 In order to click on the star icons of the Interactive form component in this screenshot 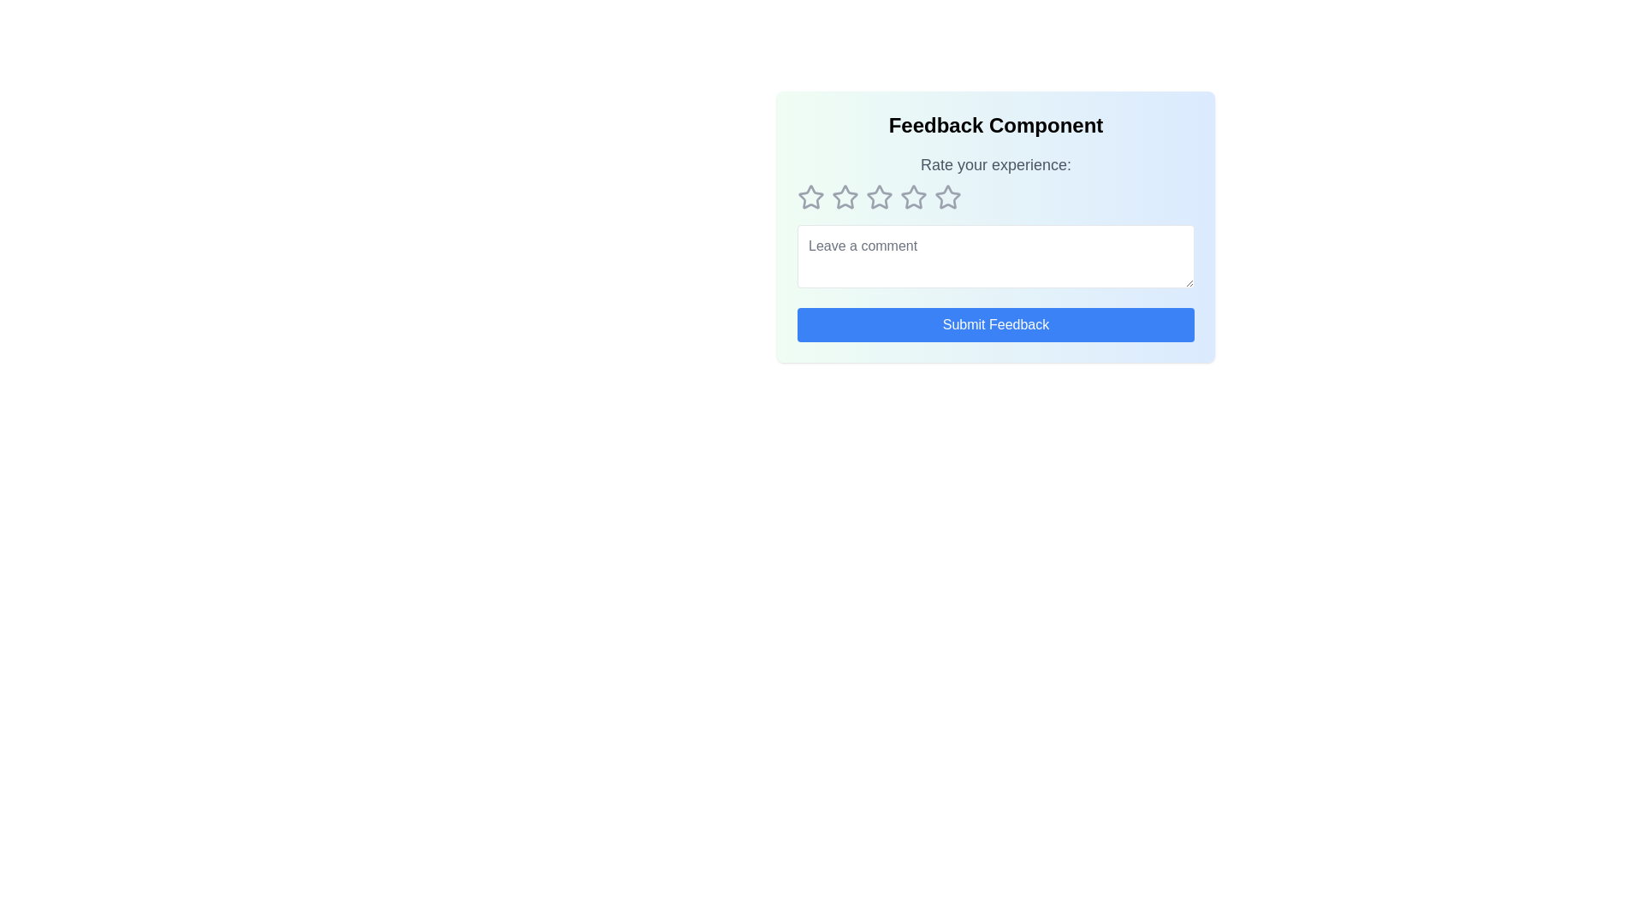, I will do `click(995, 226)`.